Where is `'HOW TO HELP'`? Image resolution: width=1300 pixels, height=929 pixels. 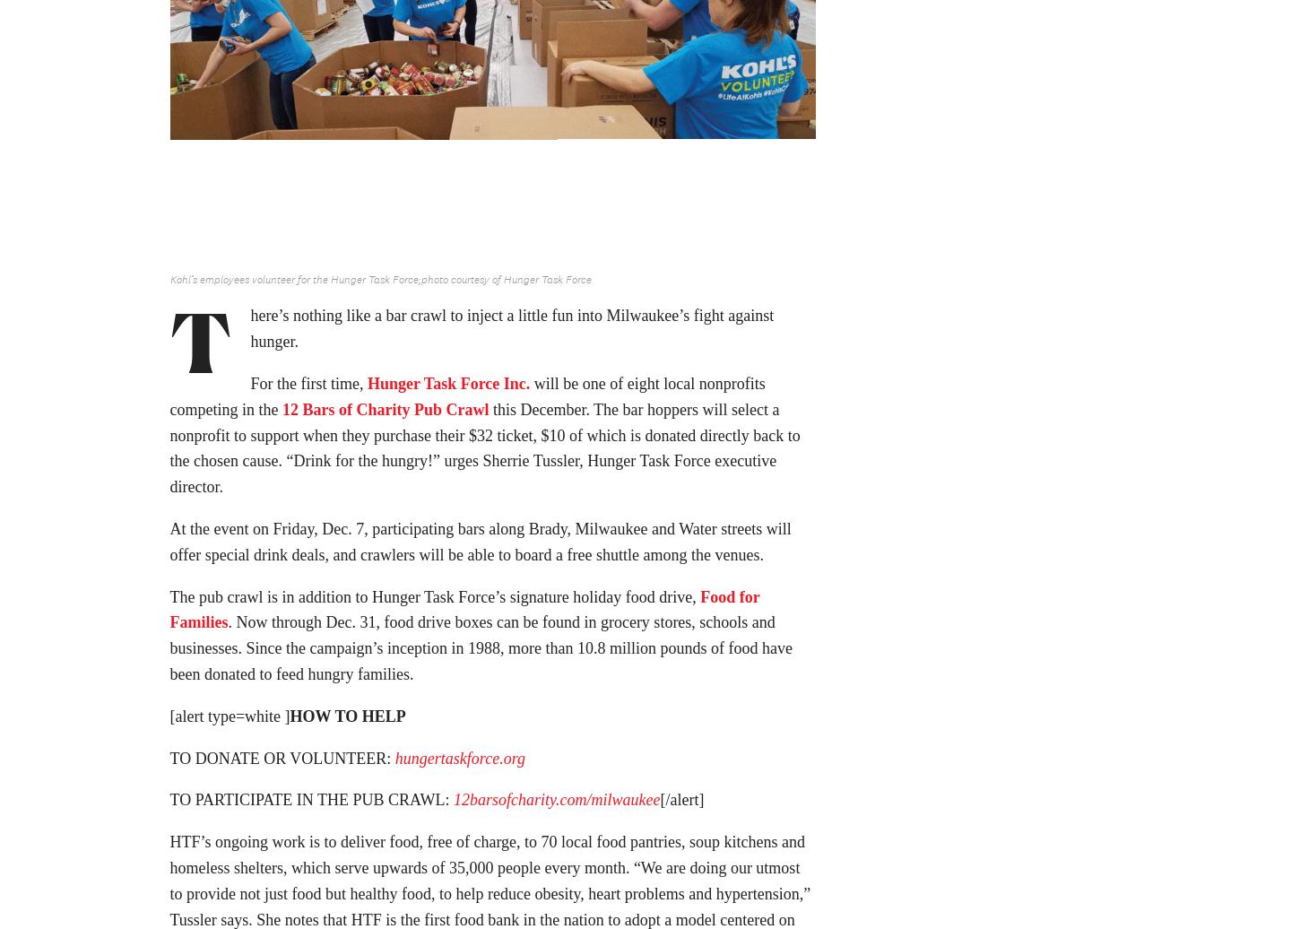
'HOW TO HELP' is located at coordinates (346, 721).